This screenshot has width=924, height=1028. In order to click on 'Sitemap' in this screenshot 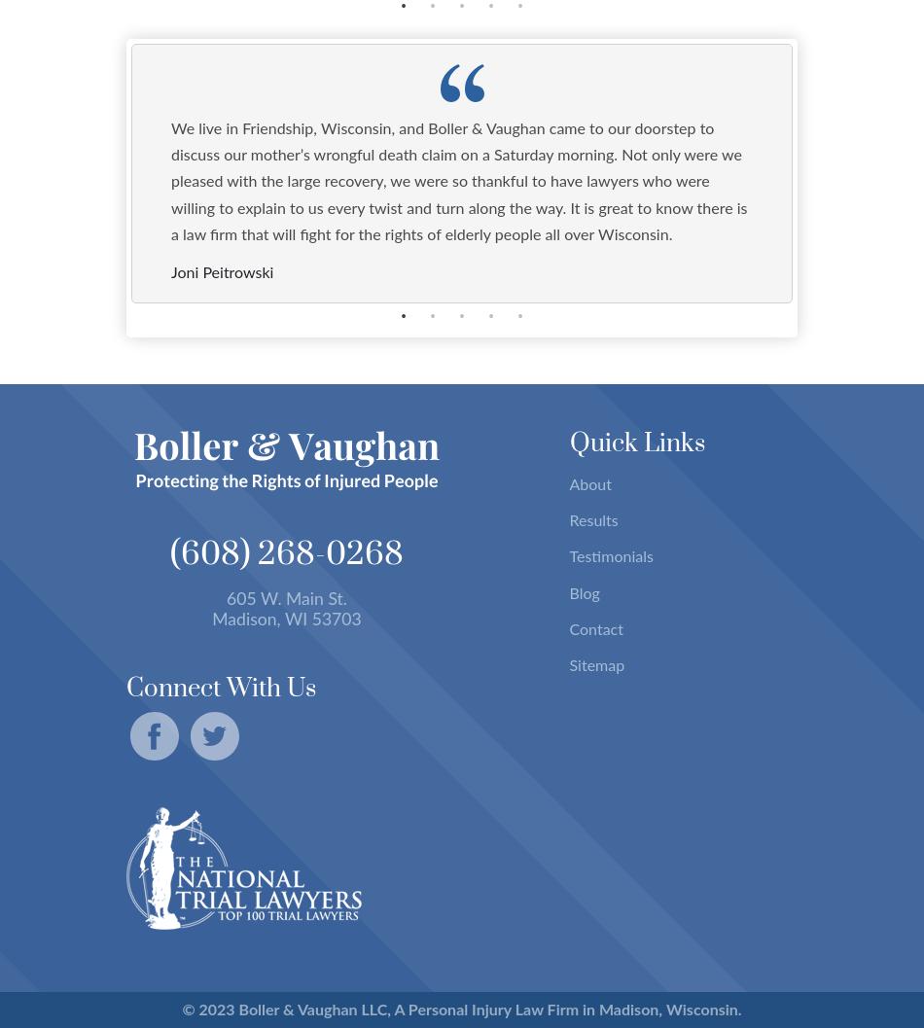, I will do `click(596, 663)`.